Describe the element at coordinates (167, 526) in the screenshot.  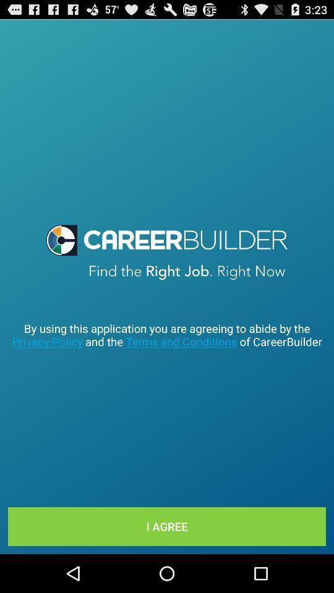
I see `i agree icon` at that location.